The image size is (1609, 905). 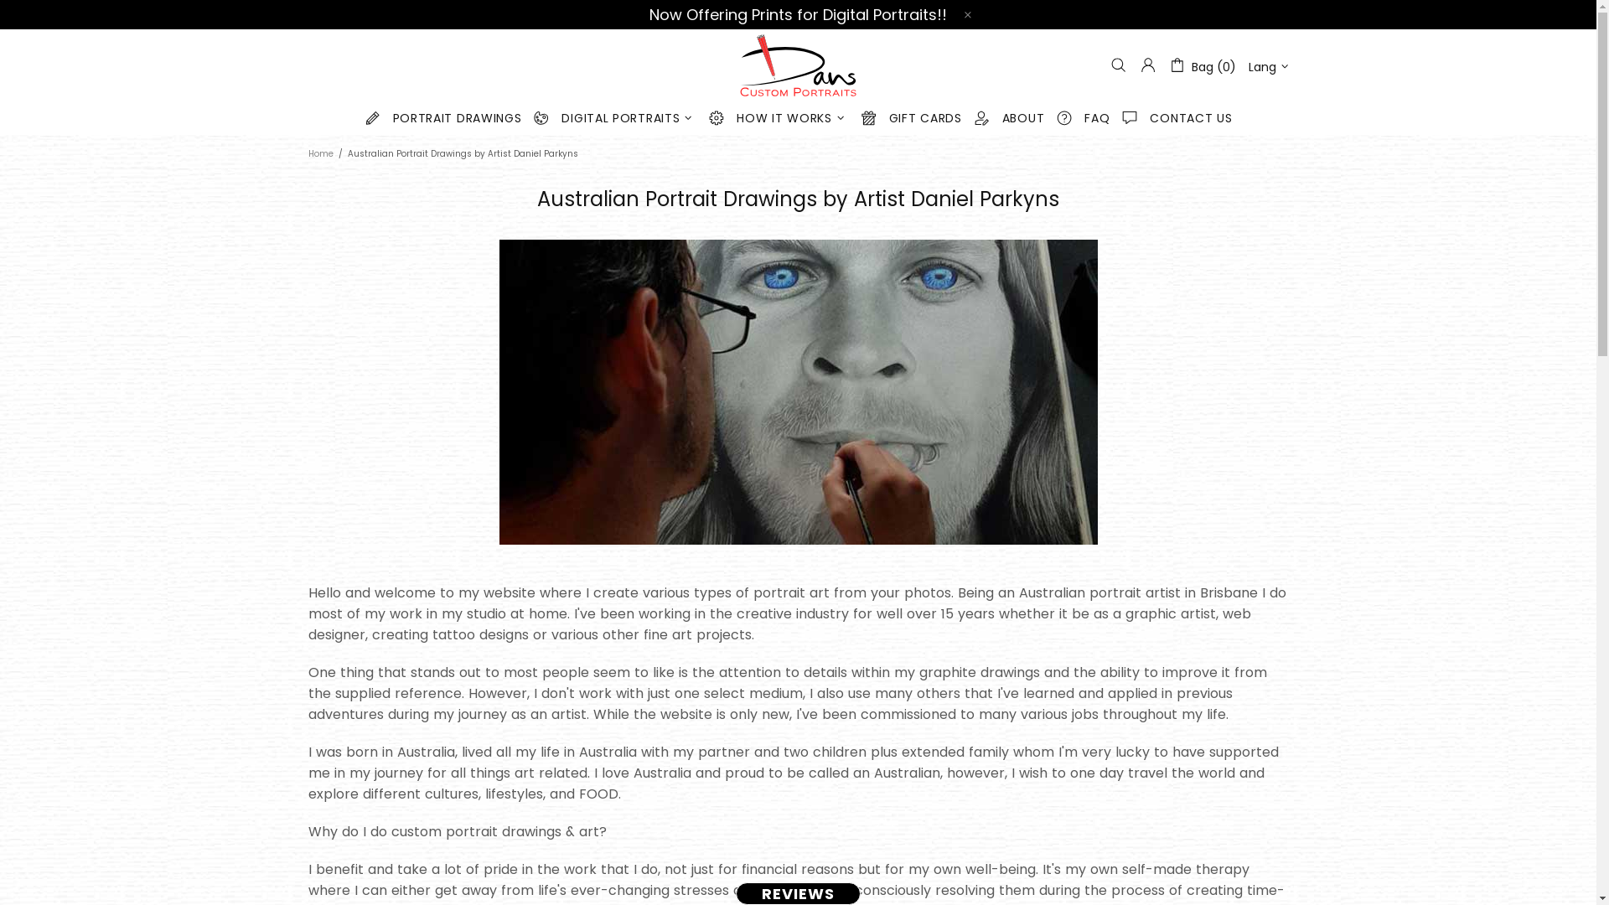 What do you see at coordinates (1082, 117) in the screenshot?
I see `'FAQ'` at bounding box center [1082, 117].